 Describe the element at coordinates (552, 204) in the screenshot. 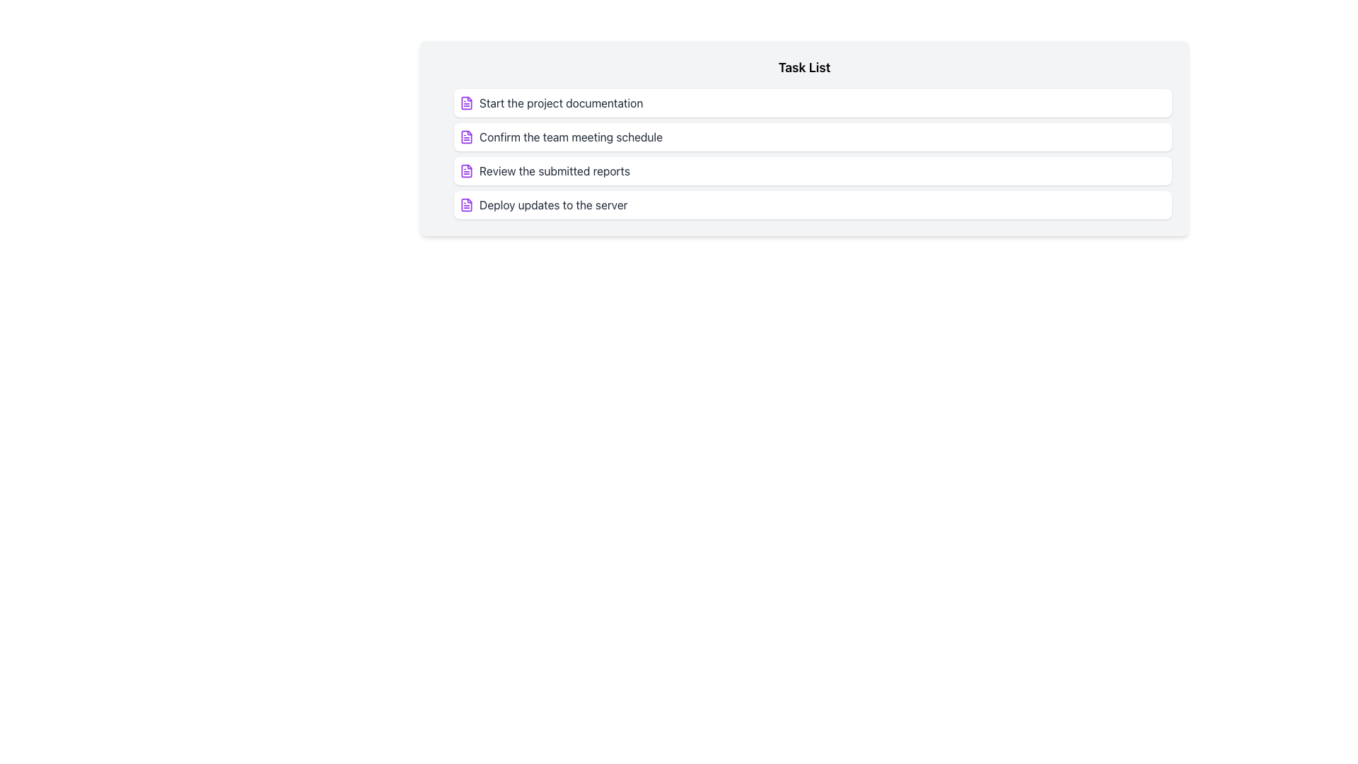

I see `the fourth entry in the task list labeled 'This Text allows users to:' which is located between 'Review the submitted reports' and whitespace` at that location.